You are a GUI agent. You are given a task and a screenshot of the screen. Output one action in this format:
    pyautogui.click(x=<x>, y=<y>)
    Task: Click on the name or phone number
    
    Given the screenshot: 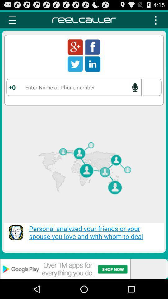 What is the action you would take?
    pyautogui.click(x=74, y=87)
    